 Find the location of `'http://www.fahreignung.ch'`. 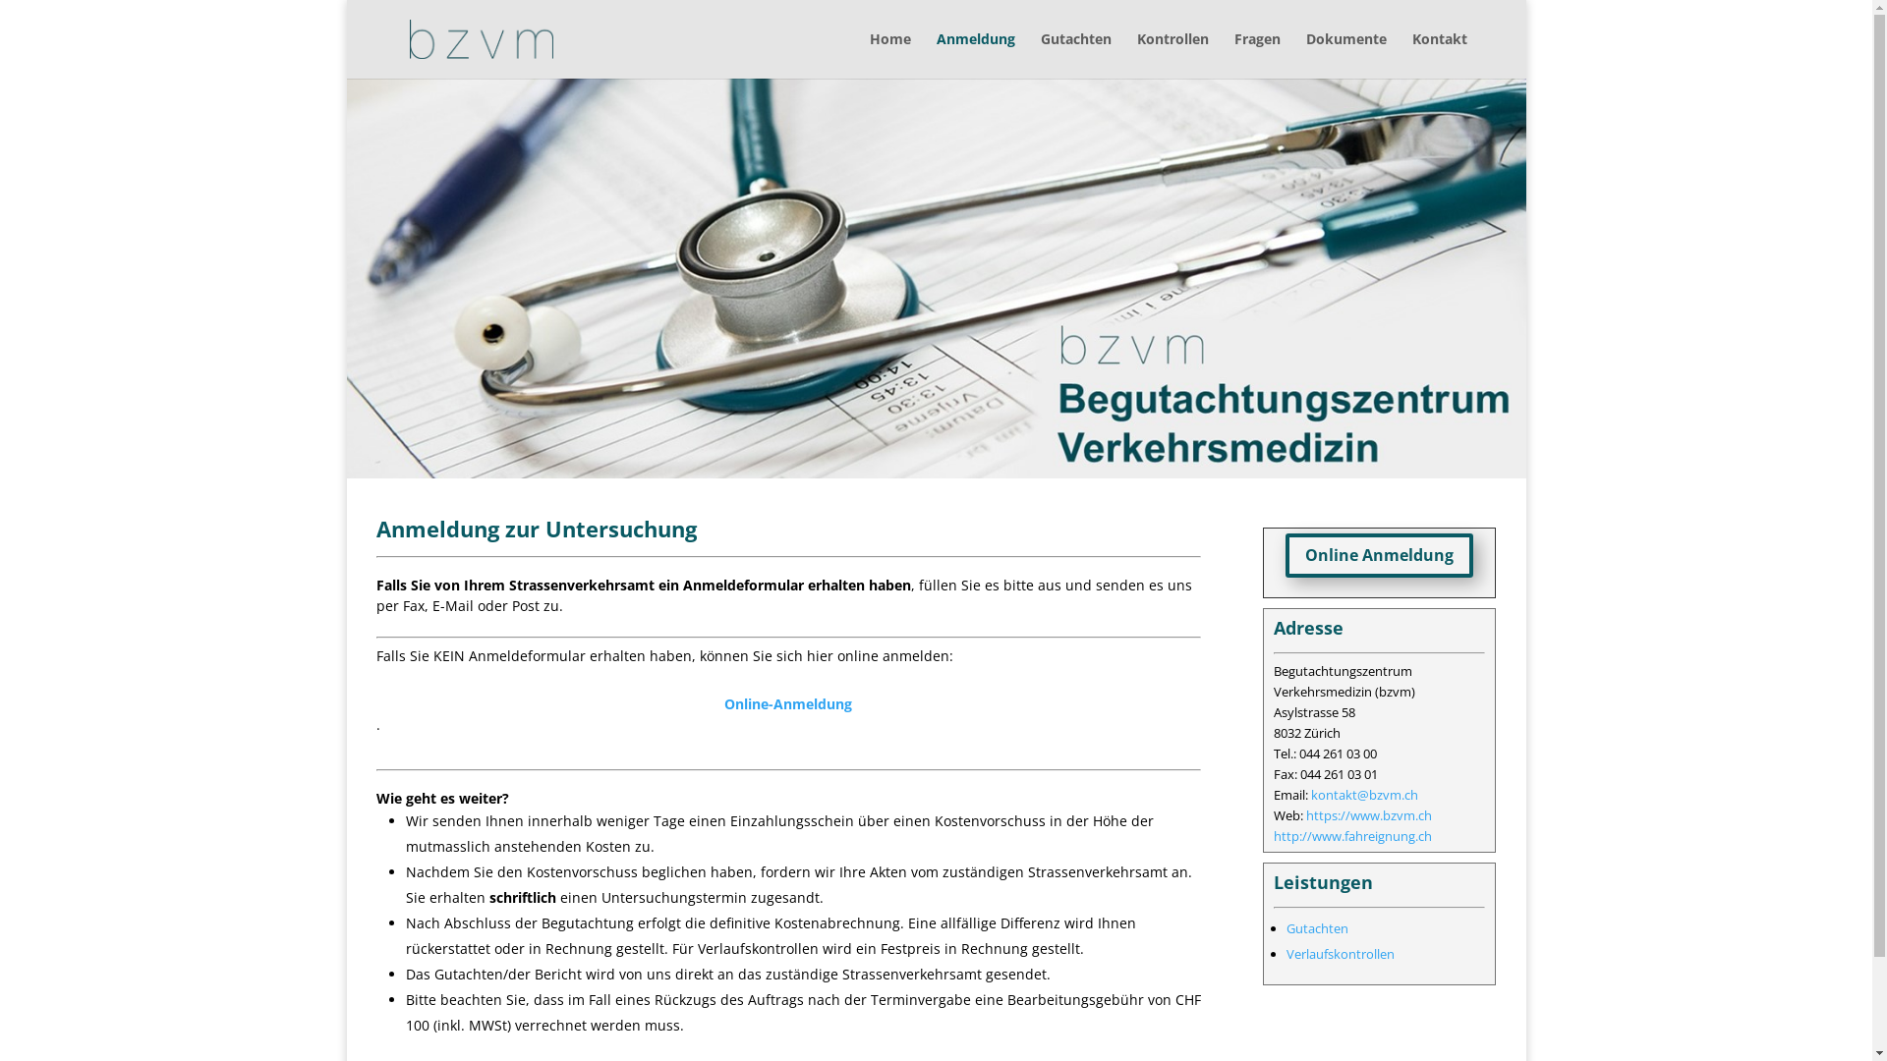

'http://www.fahreignung.ch' is located at coordinates (1351, 836).